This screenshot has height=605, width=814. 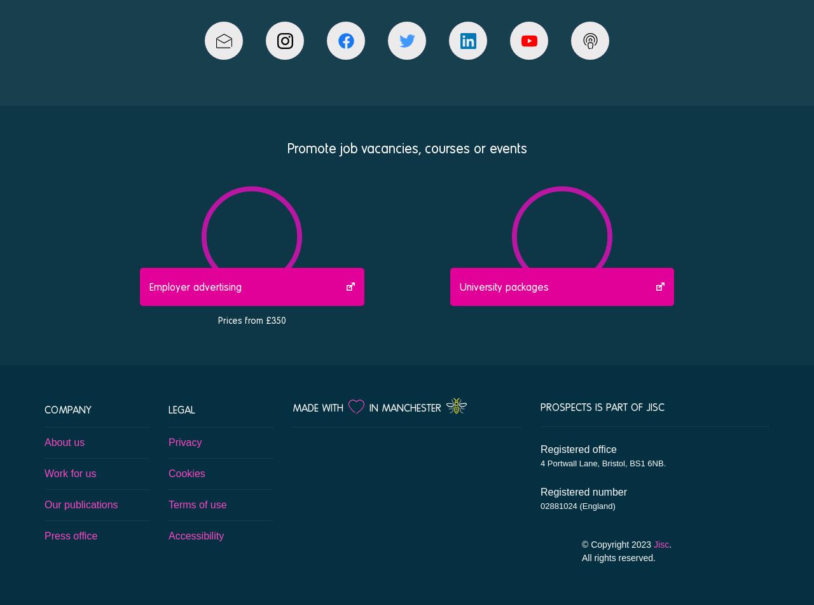 What do you see at coordinates (181, 408) in the screenshot?
I see `'Legal'` at bounding box center [181, 408].